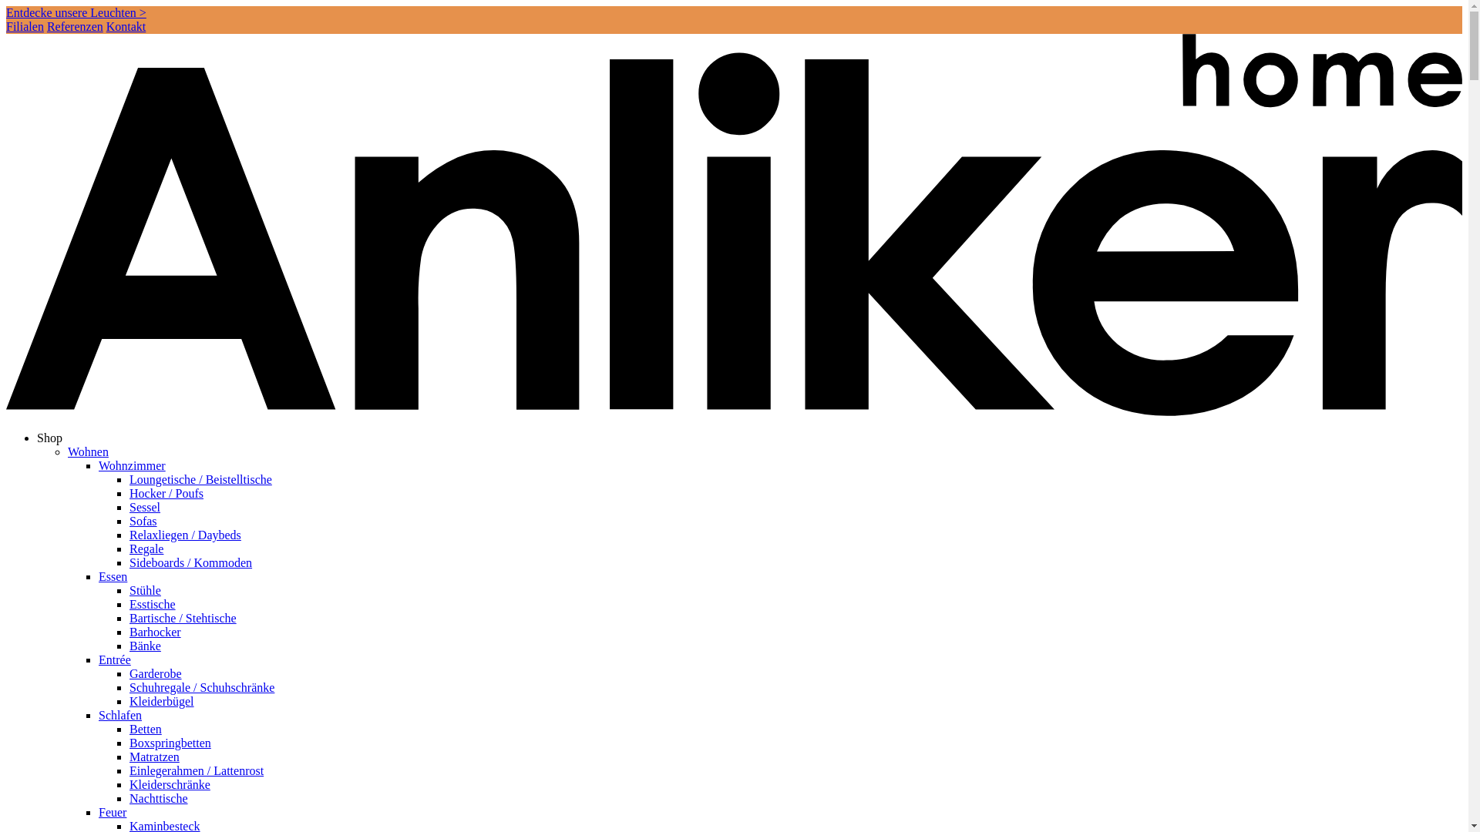 This screenshot has width=1480, height=832. Describe the element at coordinates (145, 728) in the screenshot. I see `'Betten'` at that location.